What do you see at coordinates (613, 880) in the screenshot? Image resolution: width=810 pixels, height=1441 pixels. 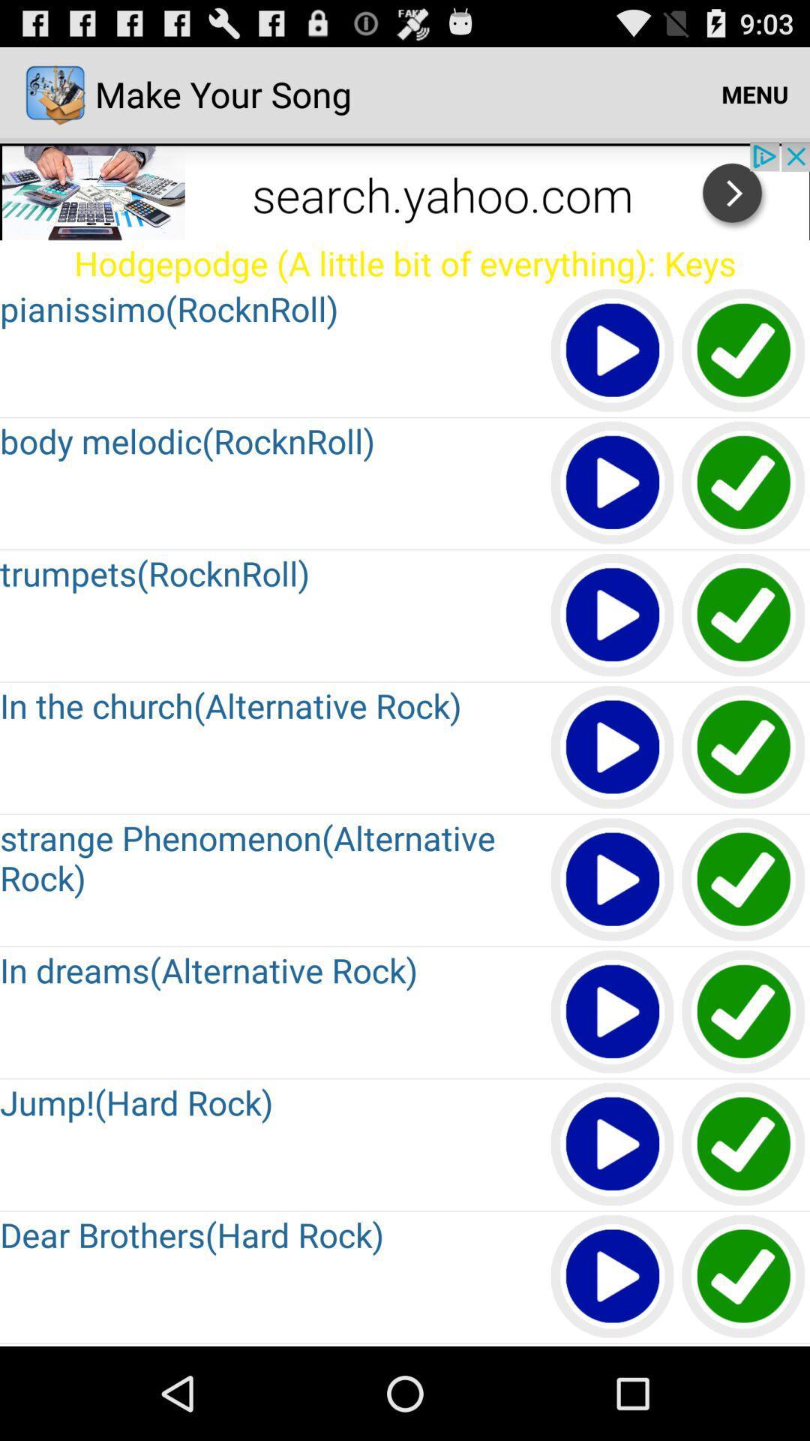 I see `option` at bounding box center [613, 880].